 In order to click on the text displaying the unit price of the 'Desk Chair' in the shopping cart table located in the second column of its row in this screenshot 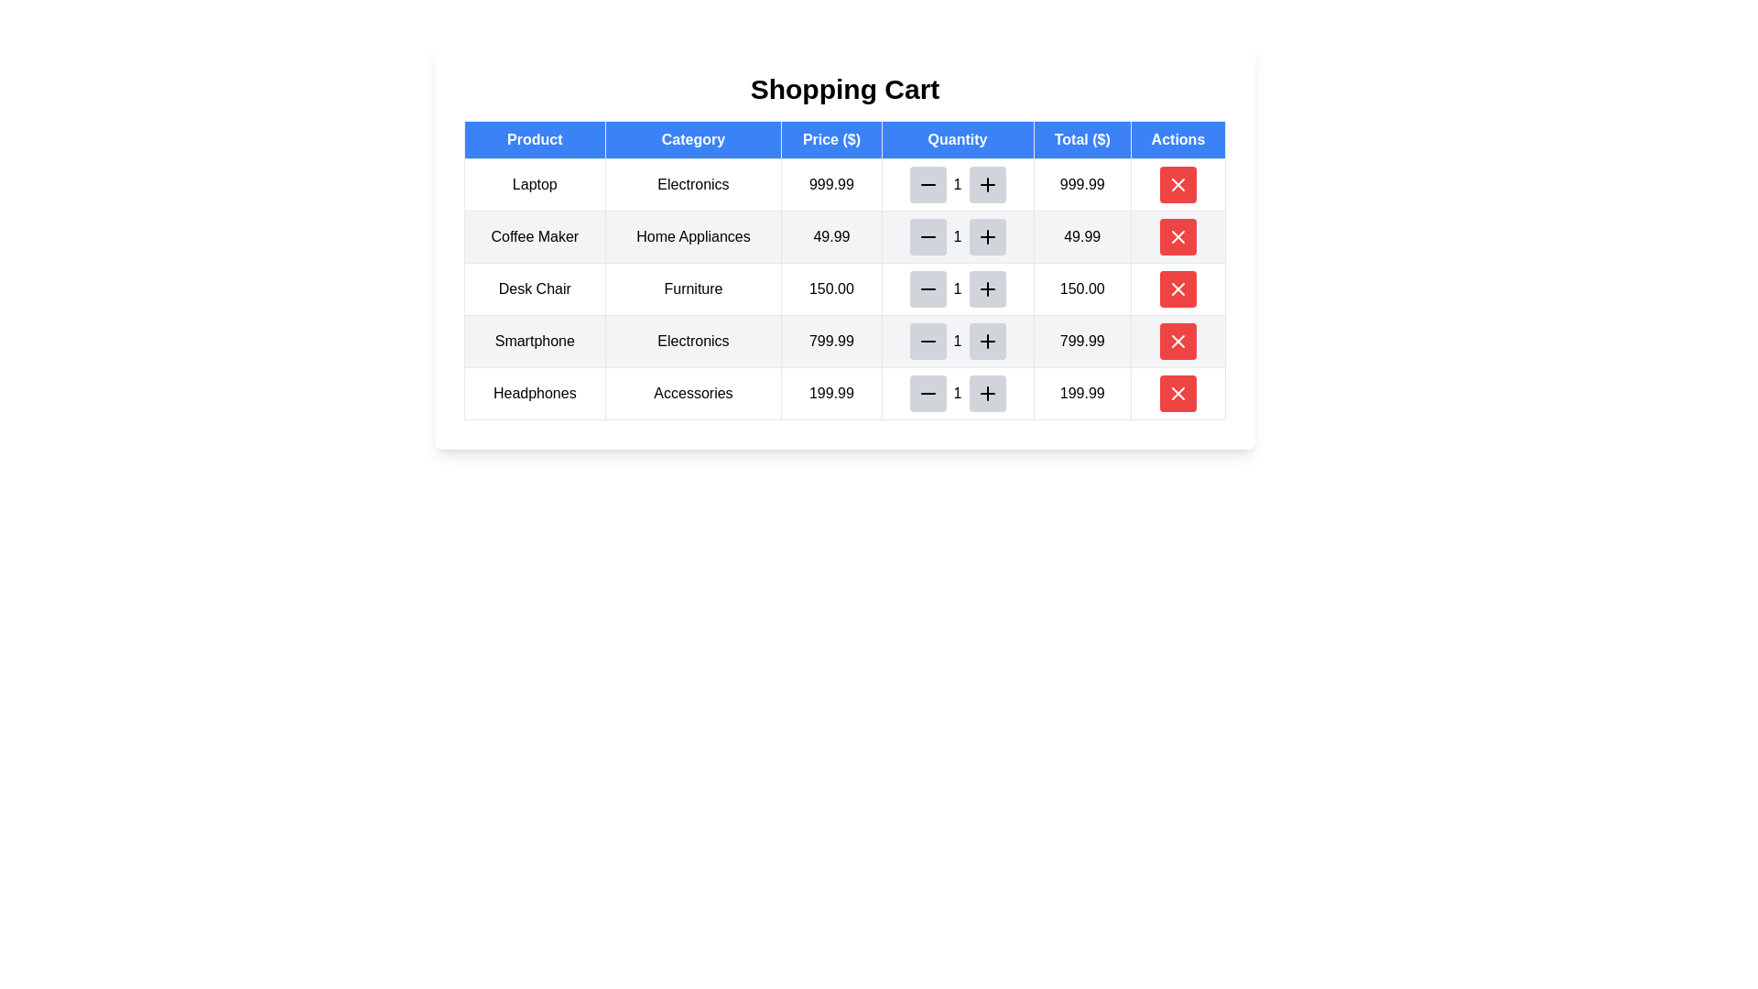, I will do `click(830, 288)`.